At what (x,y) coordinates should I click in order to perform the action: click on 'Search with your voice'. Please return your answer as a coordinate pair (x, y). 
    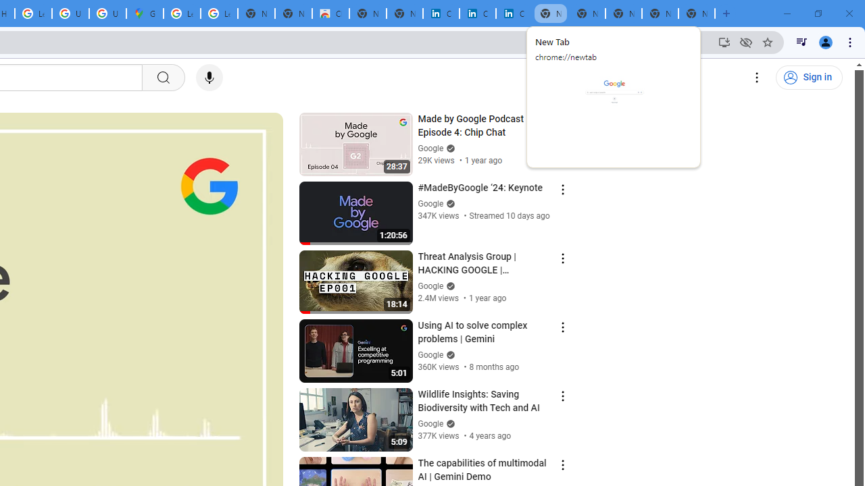
    Looking at the image, I should click on (208, 78).